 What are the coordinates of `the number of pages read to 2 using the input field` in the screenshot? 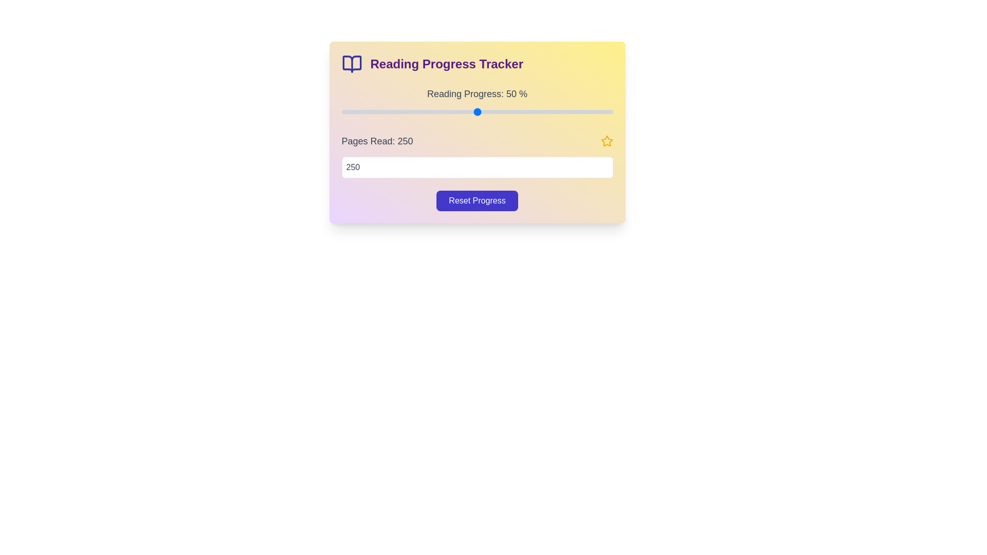 It's located at (477, 167).